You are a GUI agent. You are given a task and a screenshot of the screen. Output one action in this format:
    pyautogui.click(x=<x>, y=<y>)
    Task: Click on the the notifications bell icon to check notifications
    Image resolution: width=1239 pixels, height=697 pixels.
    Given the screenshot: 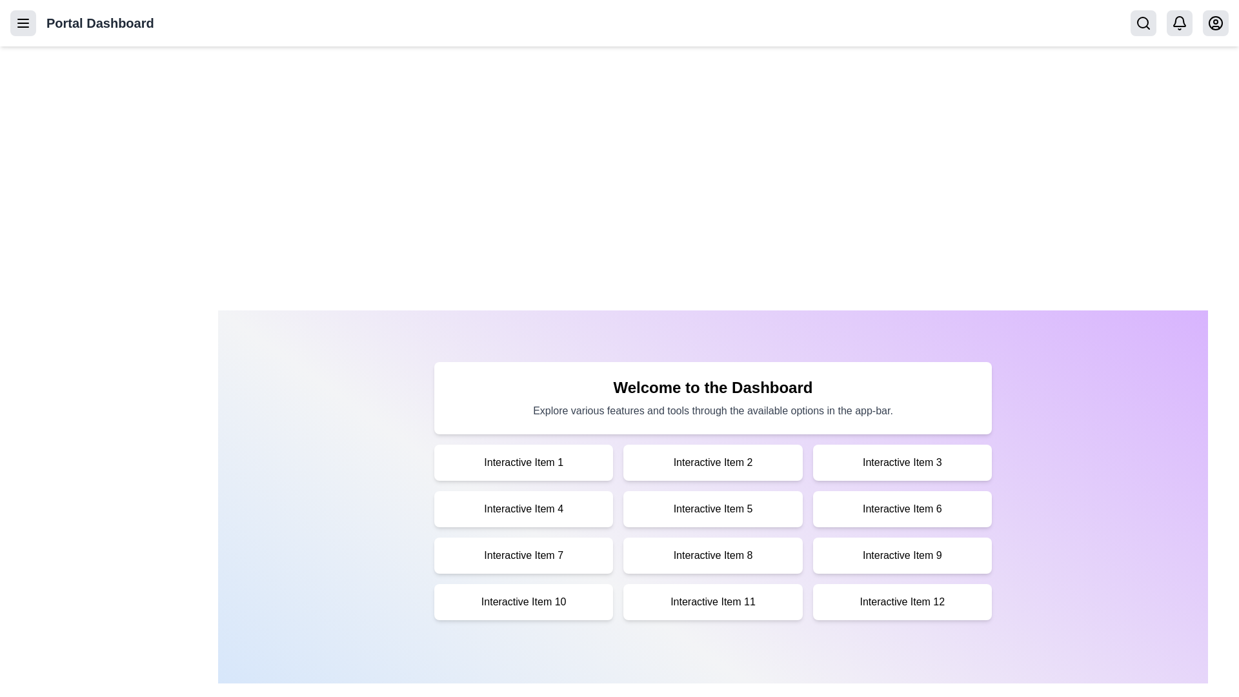 What is the action you would take?
    pyautogui.click(x=1180, y=23)
    